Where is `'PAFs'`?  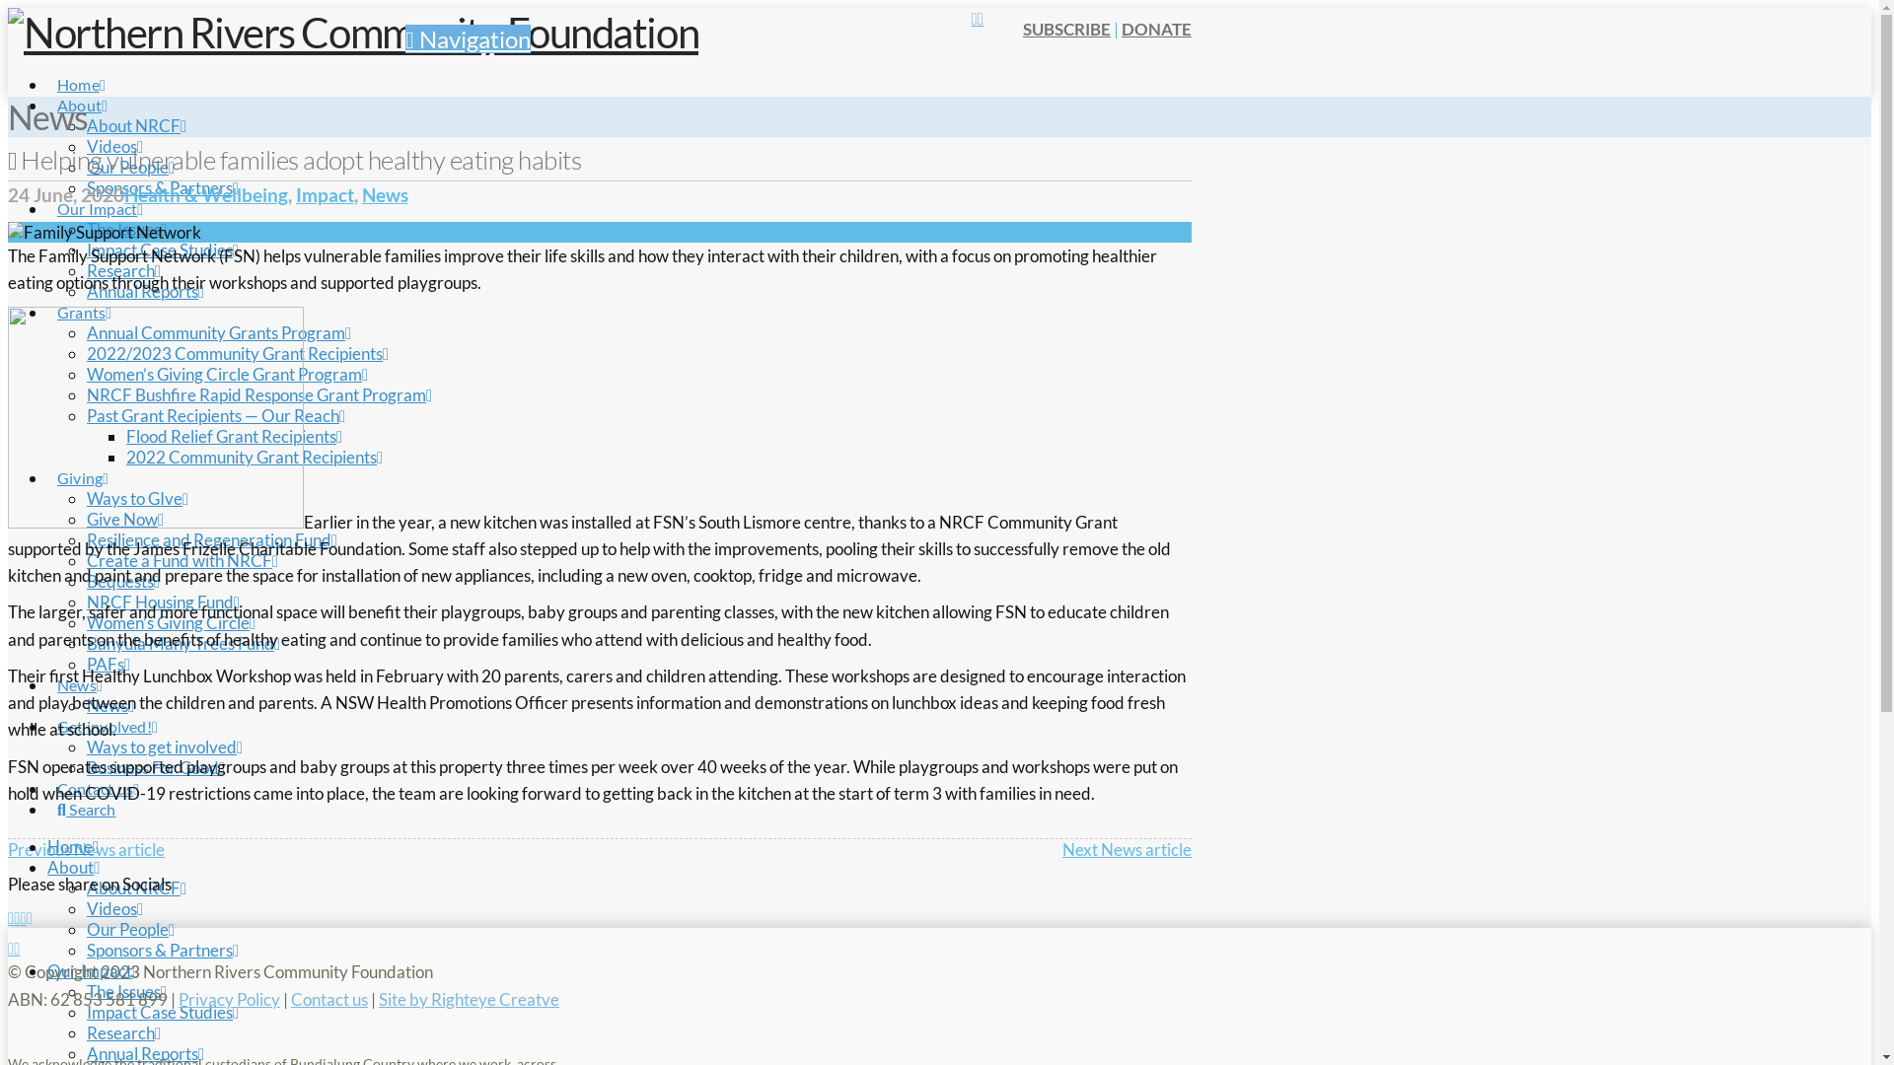 'PAFs' is located at coordinates (108, 664).